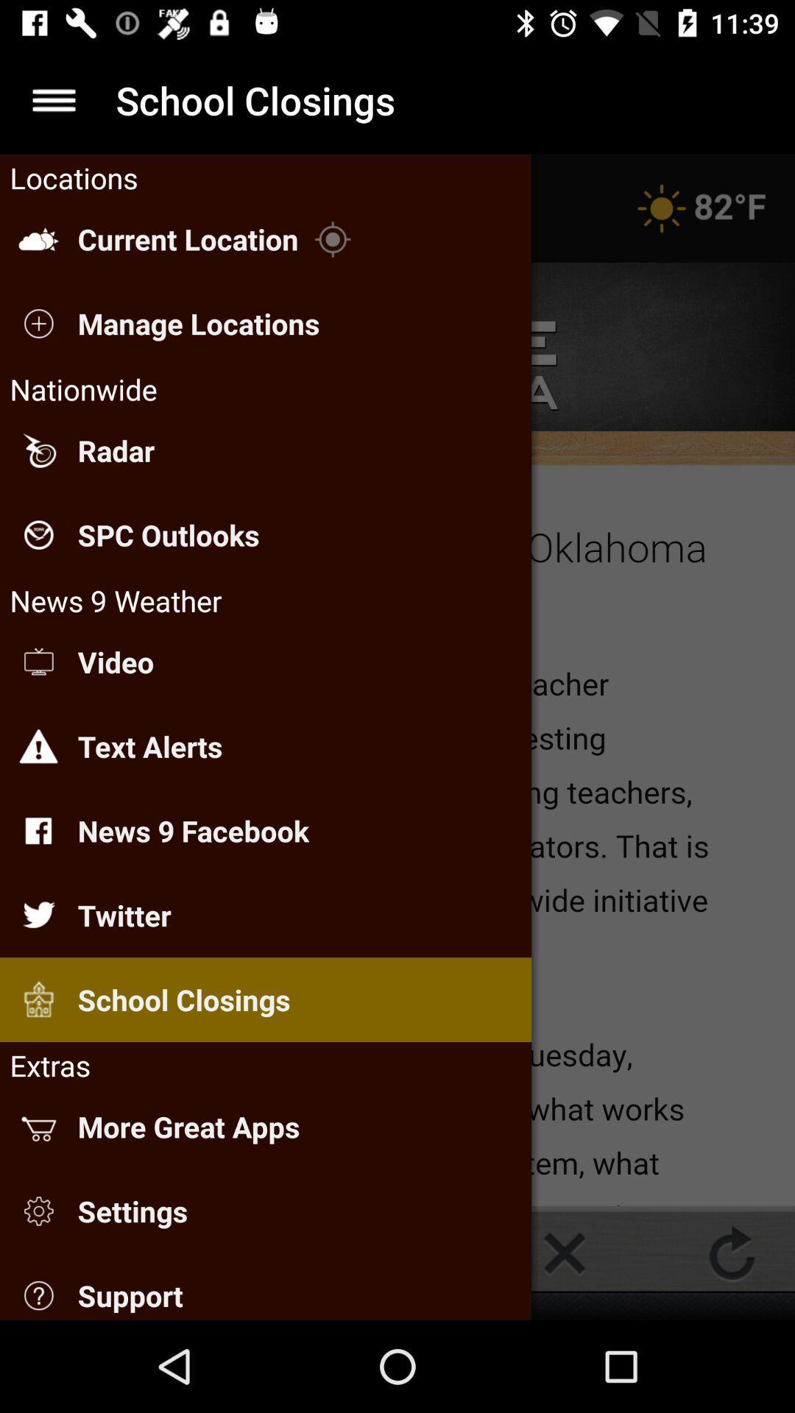 Image resolution: width=795 pixels, height=1413 pixels. What do you see at coordinates (564, 1253) in the screenshot?
I see `the close icon` at bounding box center [564, 1253].